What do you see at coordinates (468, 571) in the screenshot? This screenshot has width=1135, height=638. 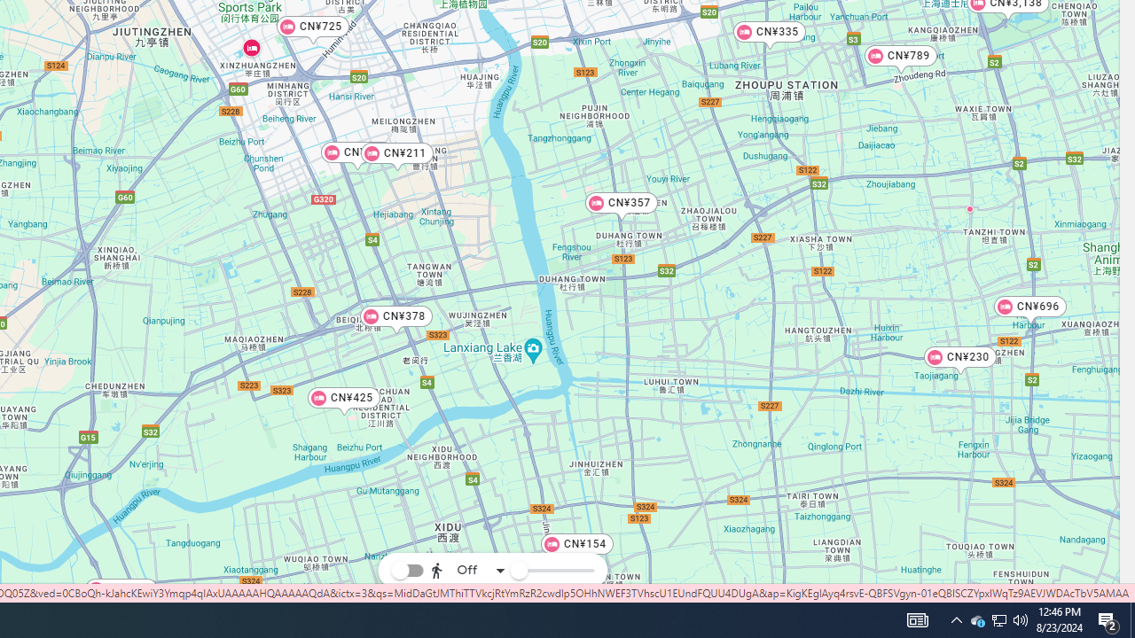 I see `'Off'` at bounding box center [468, 571].